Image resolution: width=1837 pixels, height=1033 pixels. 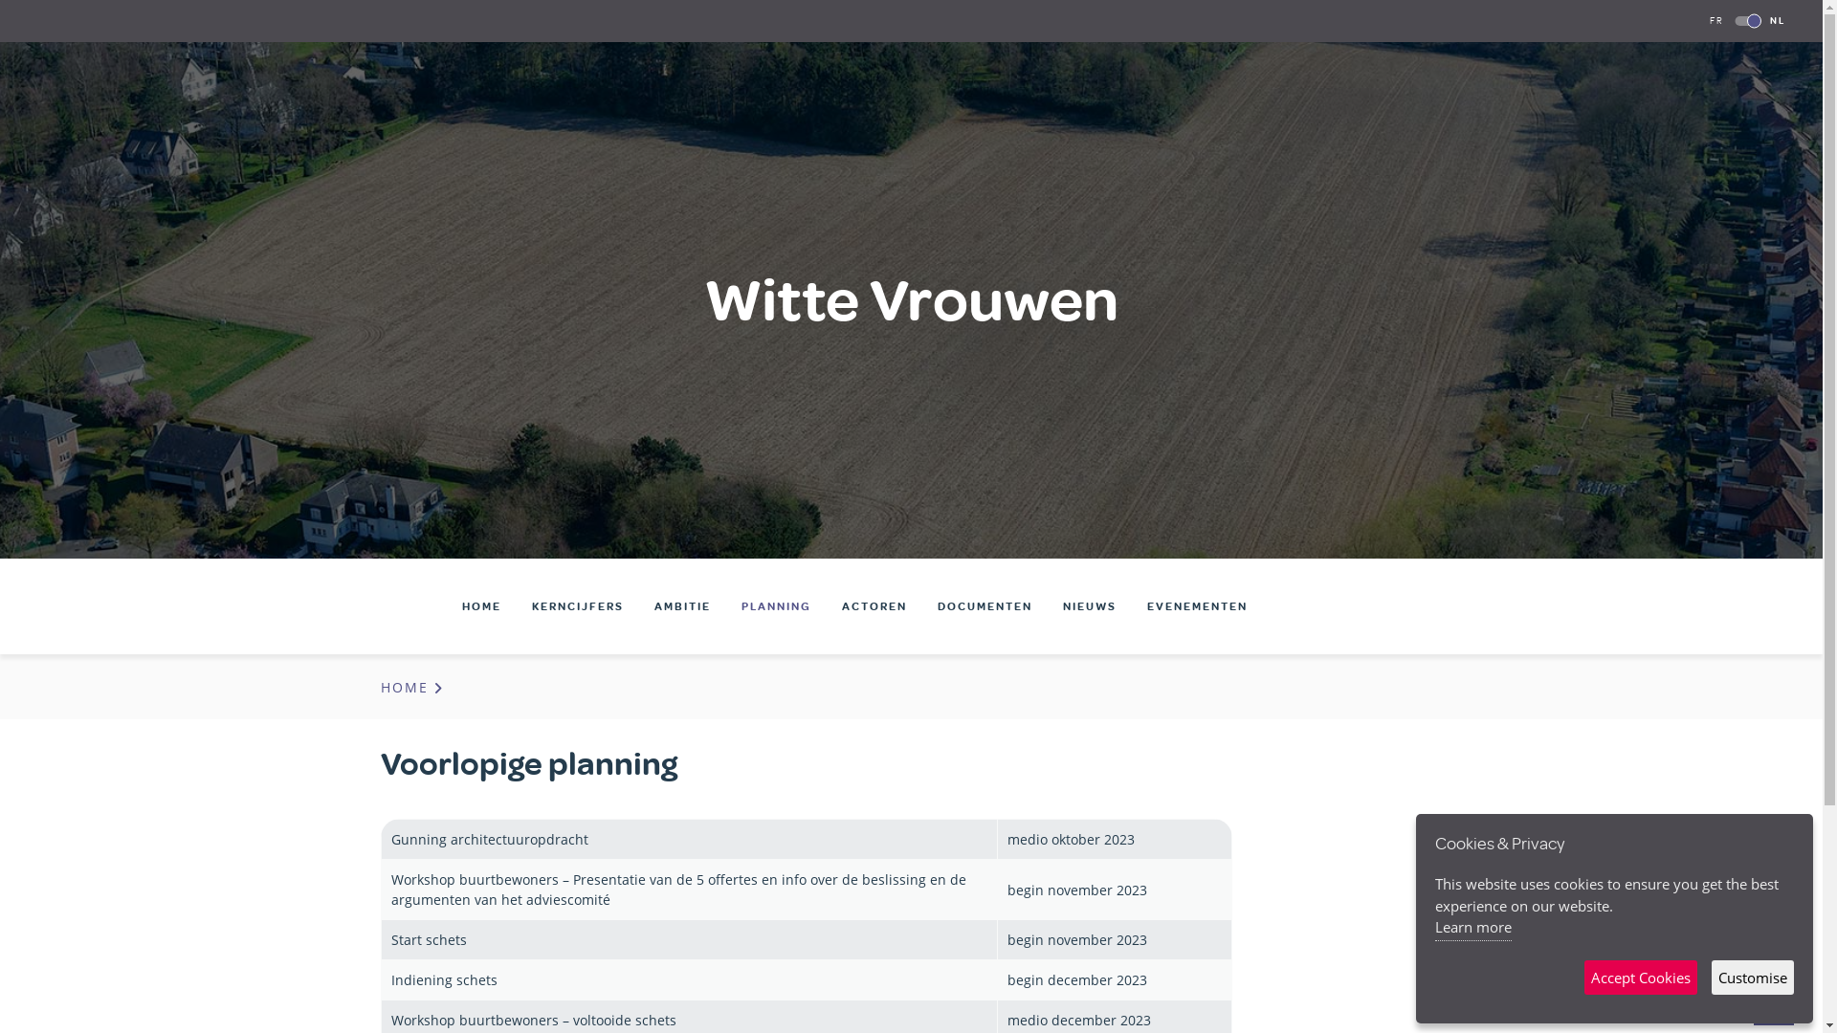 I want to click on 'DOCUMENTEN', so click(x=985, y=605).